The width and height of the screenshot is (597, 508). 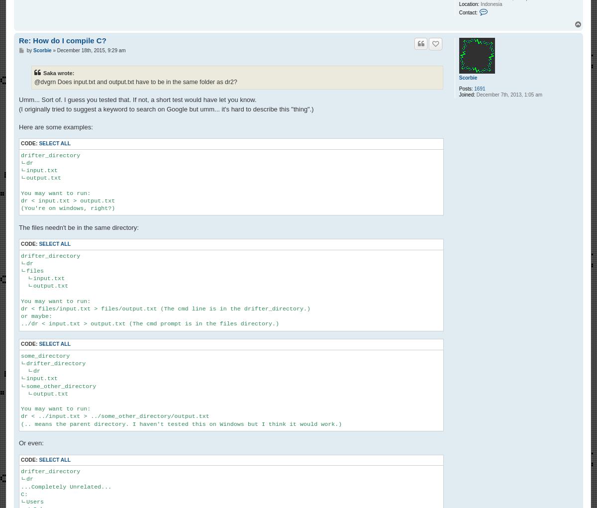 What do you see at coordinates (458, 12) in the screenshot?
I see `'Contact:'` at bounding box center [458, 12].